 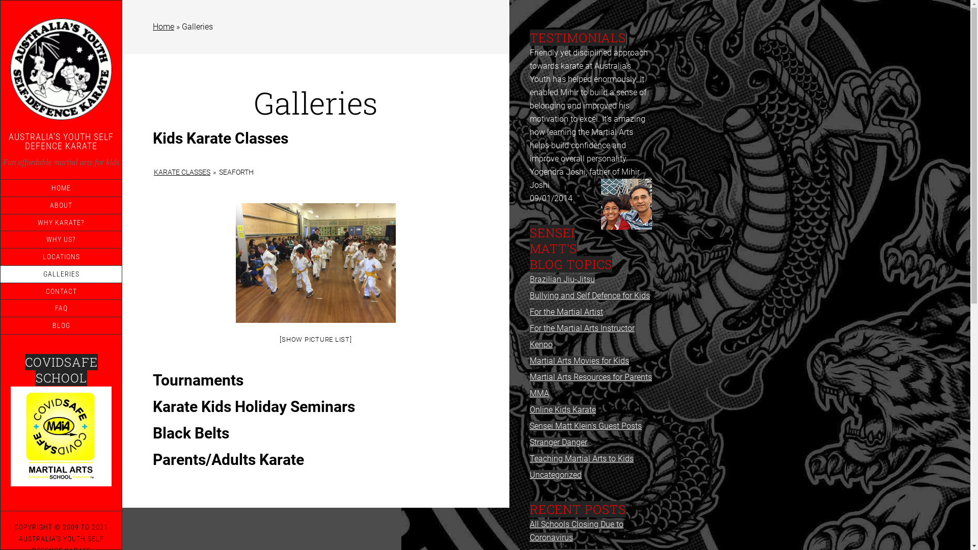 I want to click on 'Brazilian Jiu-Jitsu', so click(x=530, y=279).